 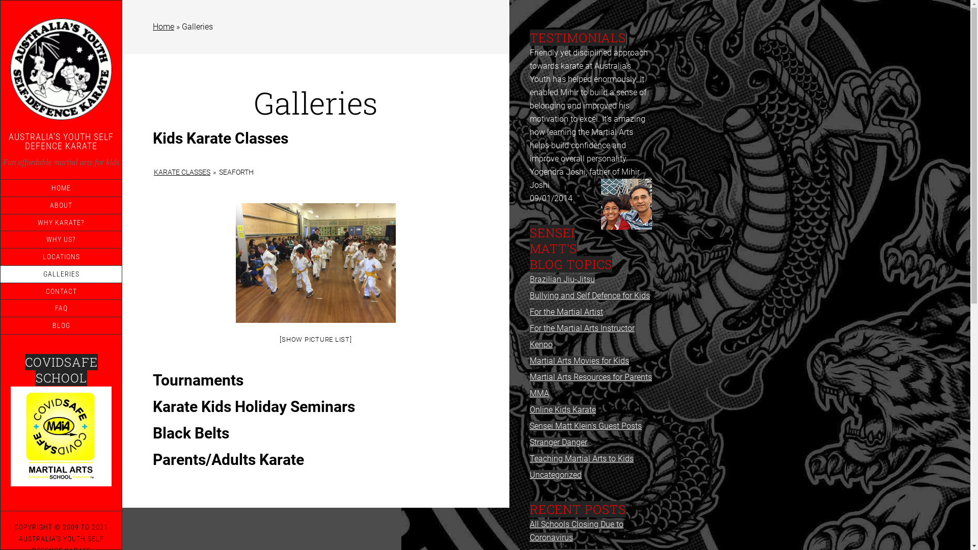 I want to click on 'Brazilian Jiu-Jitsu', so click(x=530, y=279).